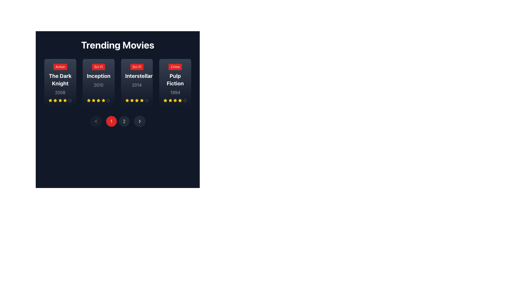 The image size is (512, 288). I want to click on the Text Label indicating the genre of the movie 'Interstellar' (2014), located in the top-left corner of its movie card under 'Trending Movies', so click(137, 66).